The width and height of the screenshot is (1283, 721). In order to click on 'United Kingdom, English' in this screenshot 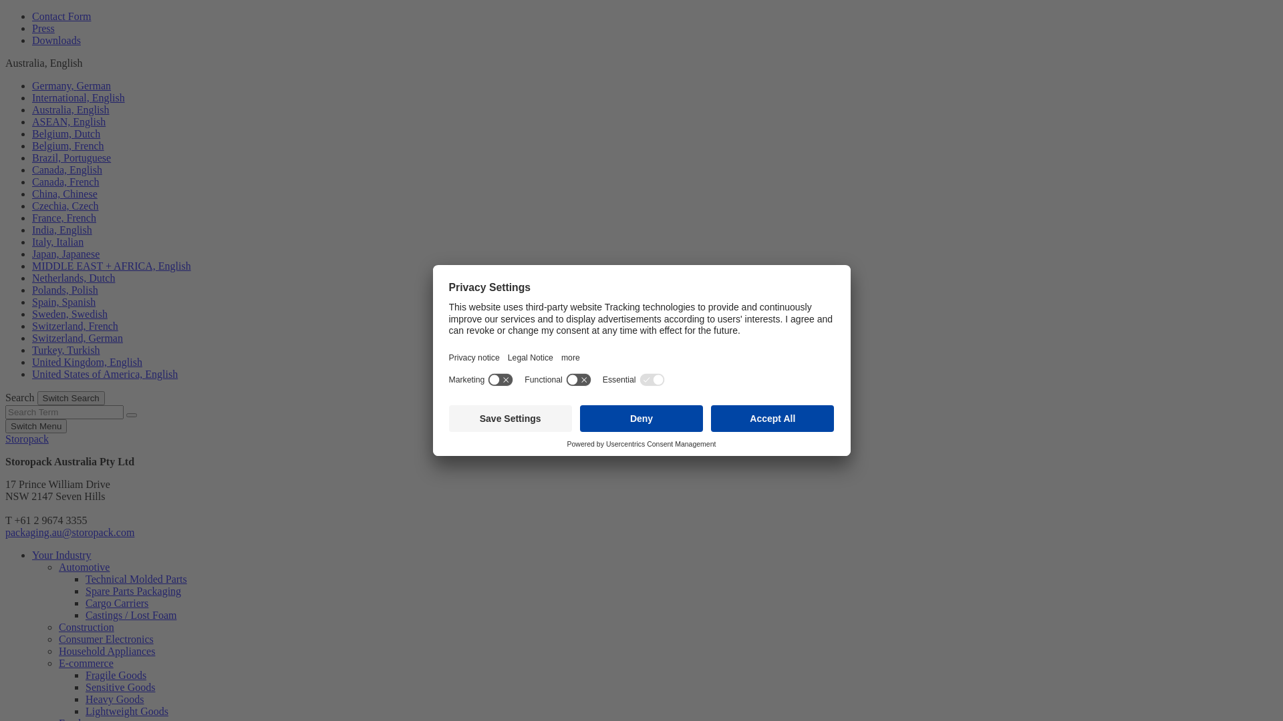, I will do `click(86, 362)`.